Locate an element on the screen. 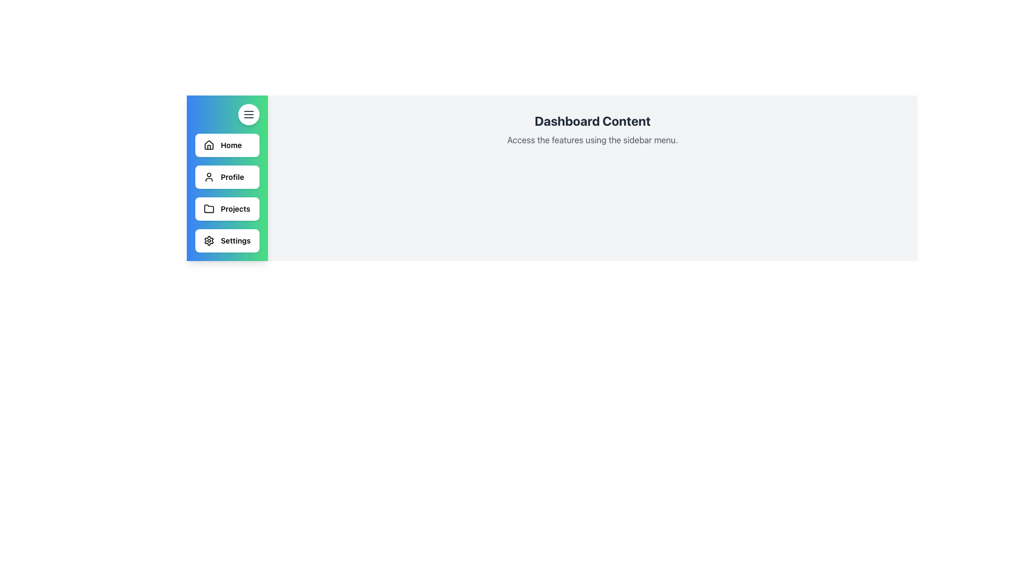 The width and height of the screenshot is (1019, 573). the 'Profile' text label in the sidebar menu, which is styled in bold black font and located to the right of the user profile icon is located at coordinates (231, 177).